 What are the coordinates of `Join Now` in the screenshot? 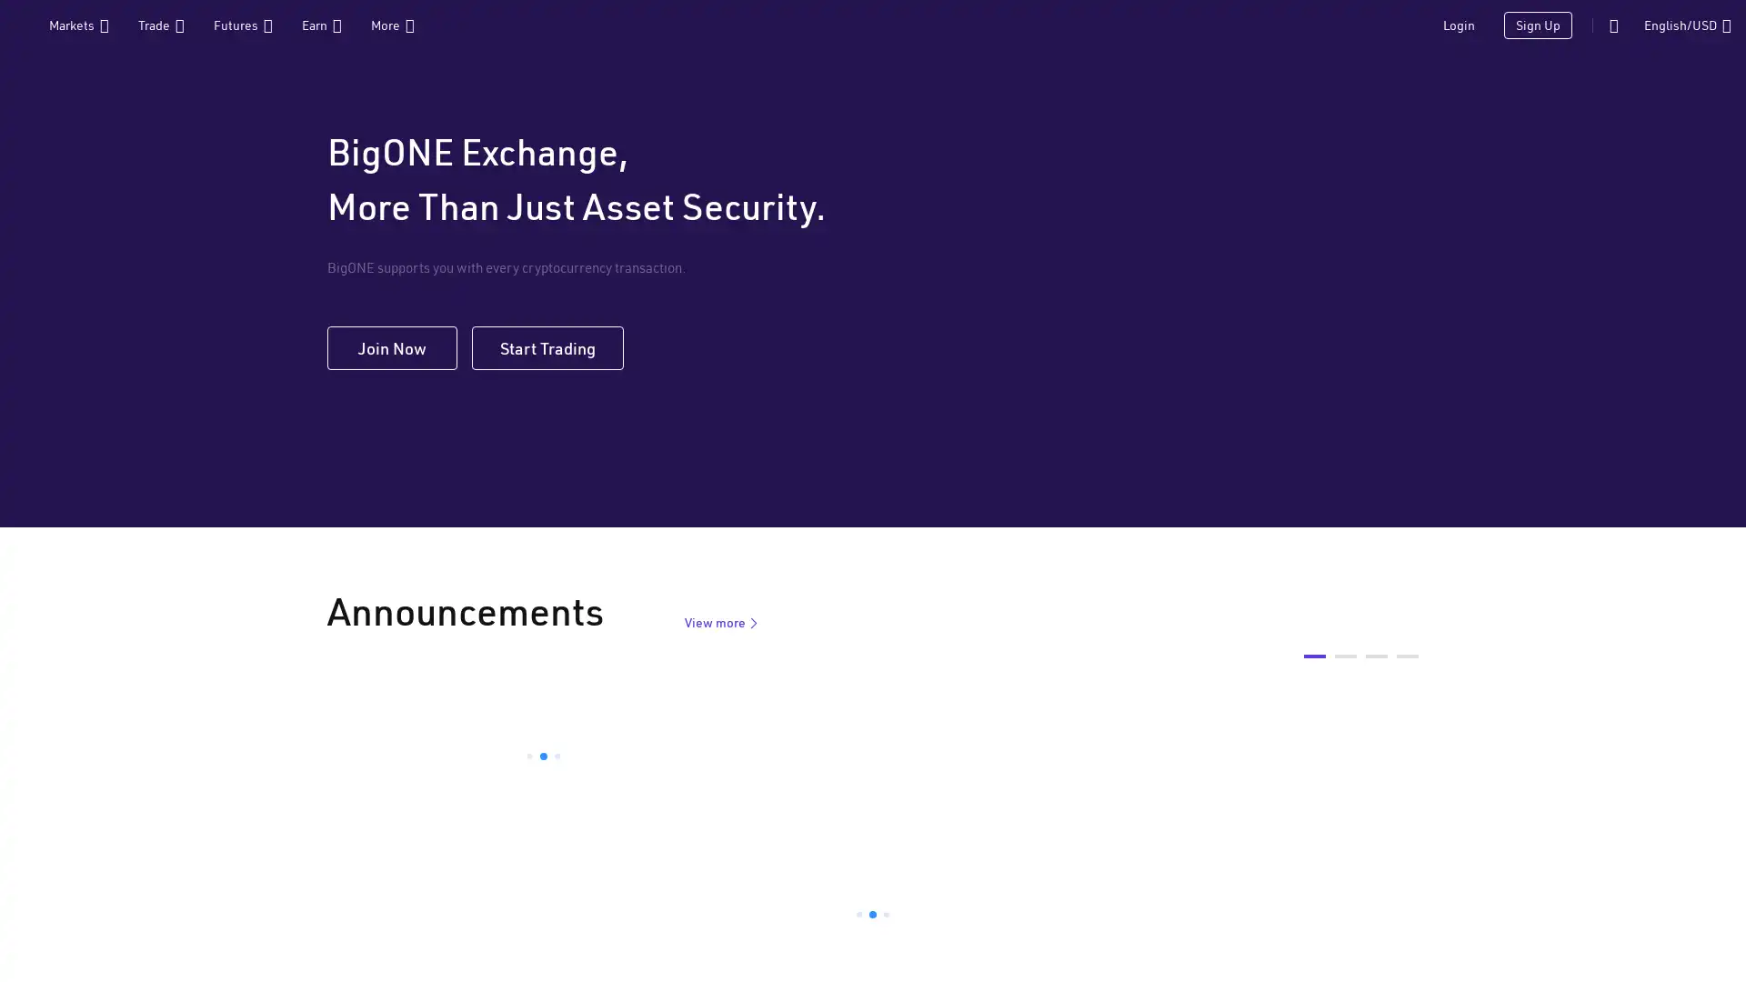 It's located at (391, 347).